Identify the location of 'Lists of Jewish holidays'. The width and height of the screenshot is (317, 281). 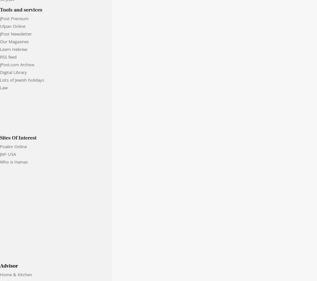
(22, 80).